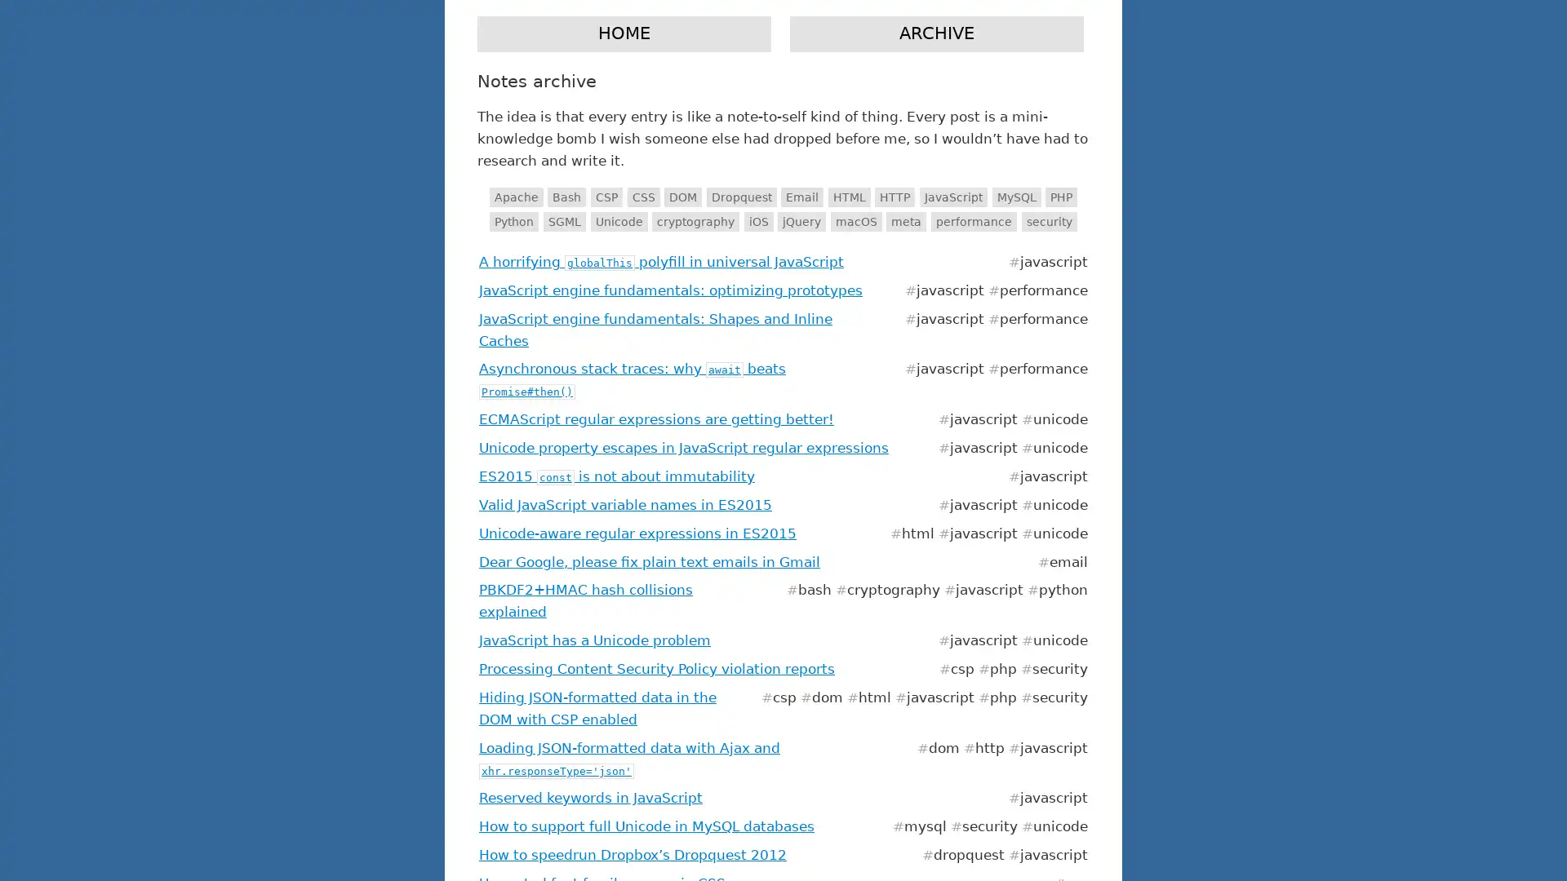  What do you see at coordinates (1014, 197) in the screenshot?
I see `MySQL` at bounding box center [1014, 197].